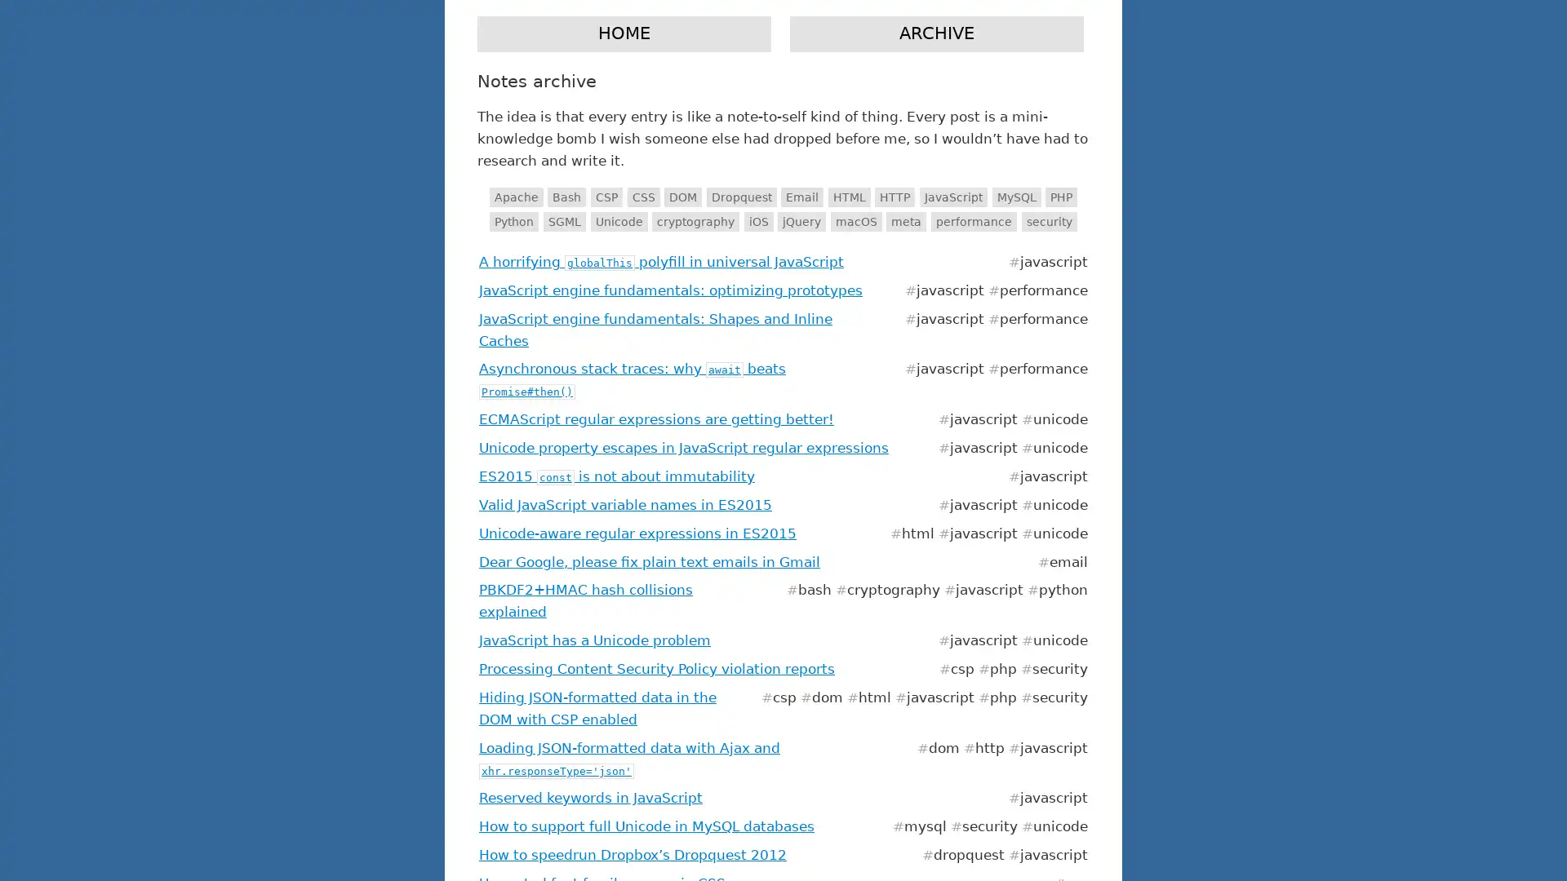  What do you see at coordinates (1014, 197) in the screenshot?
I see `MySQL` at bounding box center [1014, 197].